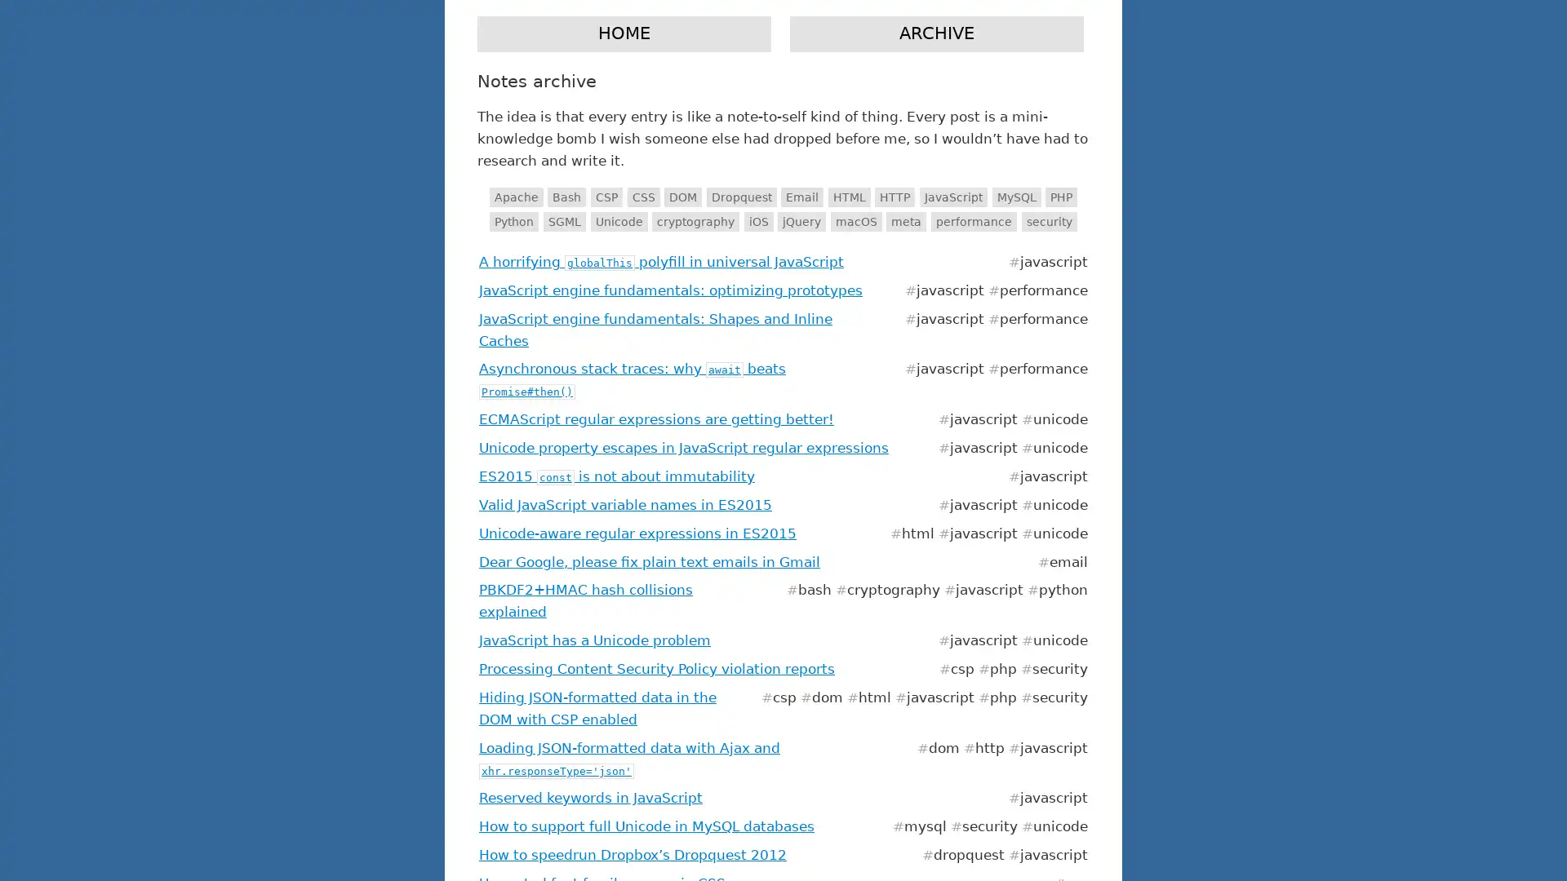  What do you see at coordinates (1014, 197) in the screenshot?
I see `MySQL` at bounding box center [1014, 197].